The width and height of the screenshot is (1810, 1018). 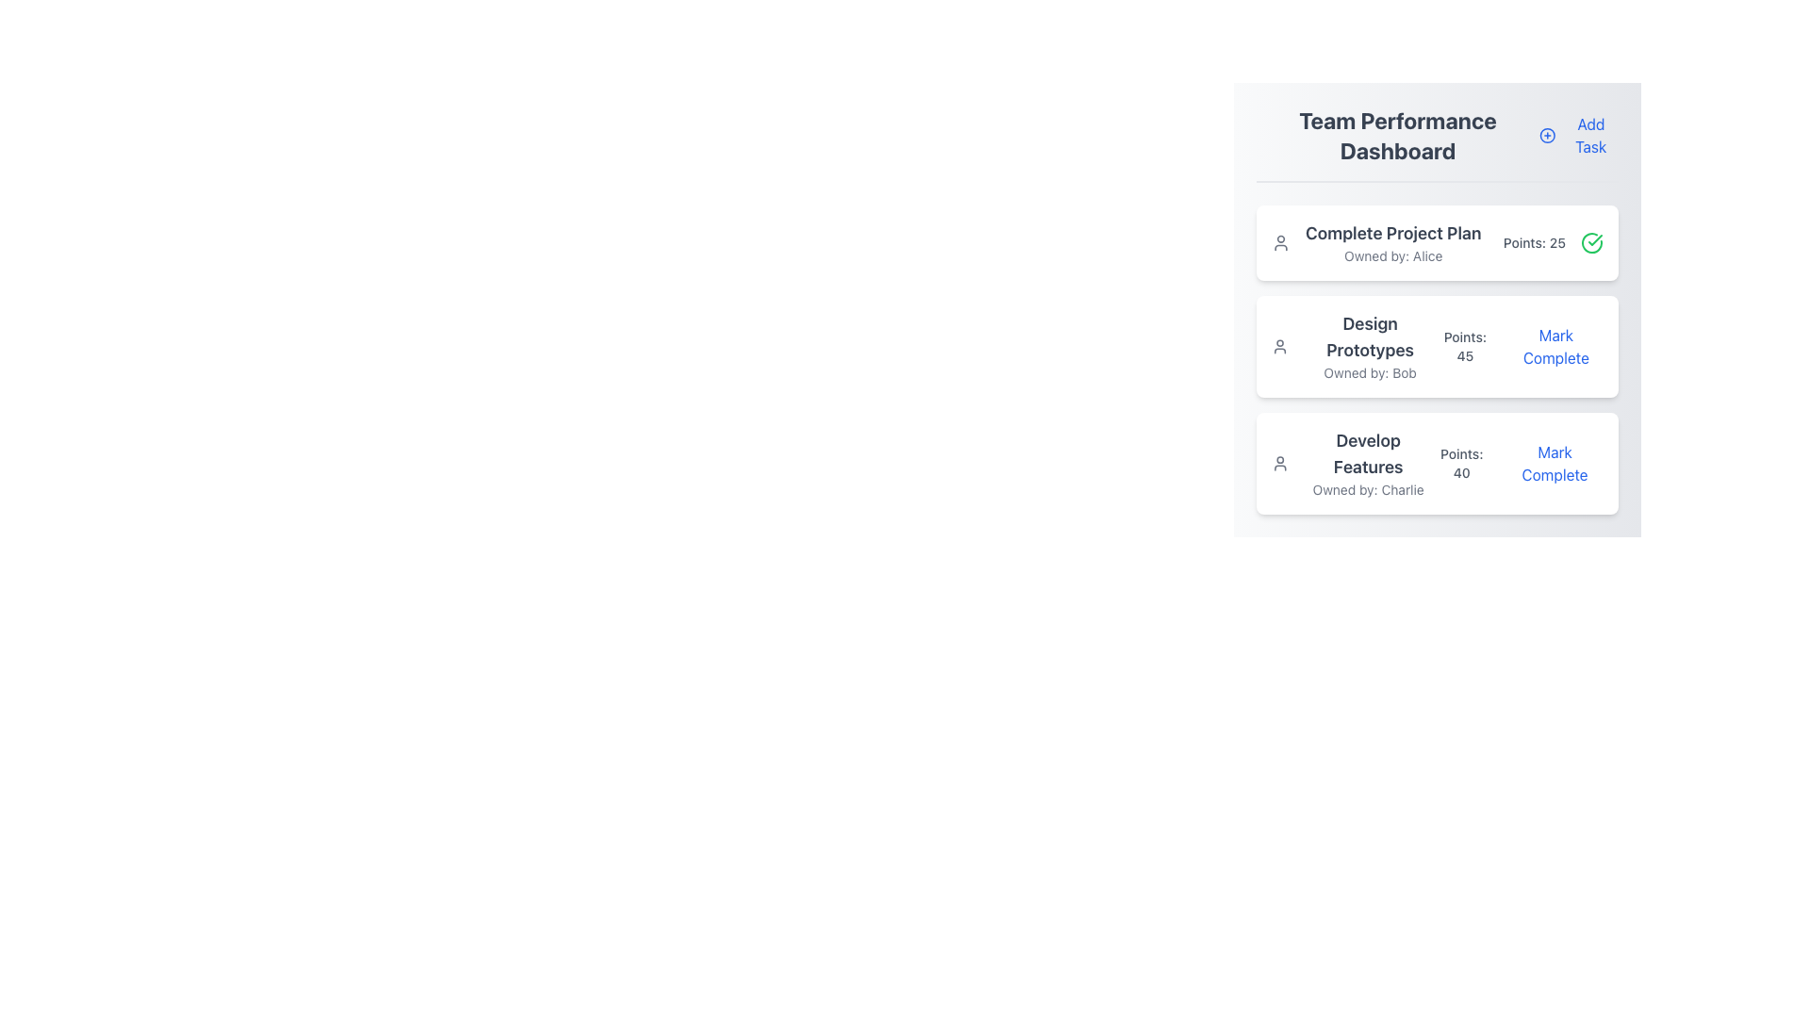 What do you see at coordinates (1555, 346) in the screenshot?
I see `the blue text link labeled 'Mark Complete' located to the right of 'Points: 45' in the second row of the task list` at bounding box center [1555, 346].